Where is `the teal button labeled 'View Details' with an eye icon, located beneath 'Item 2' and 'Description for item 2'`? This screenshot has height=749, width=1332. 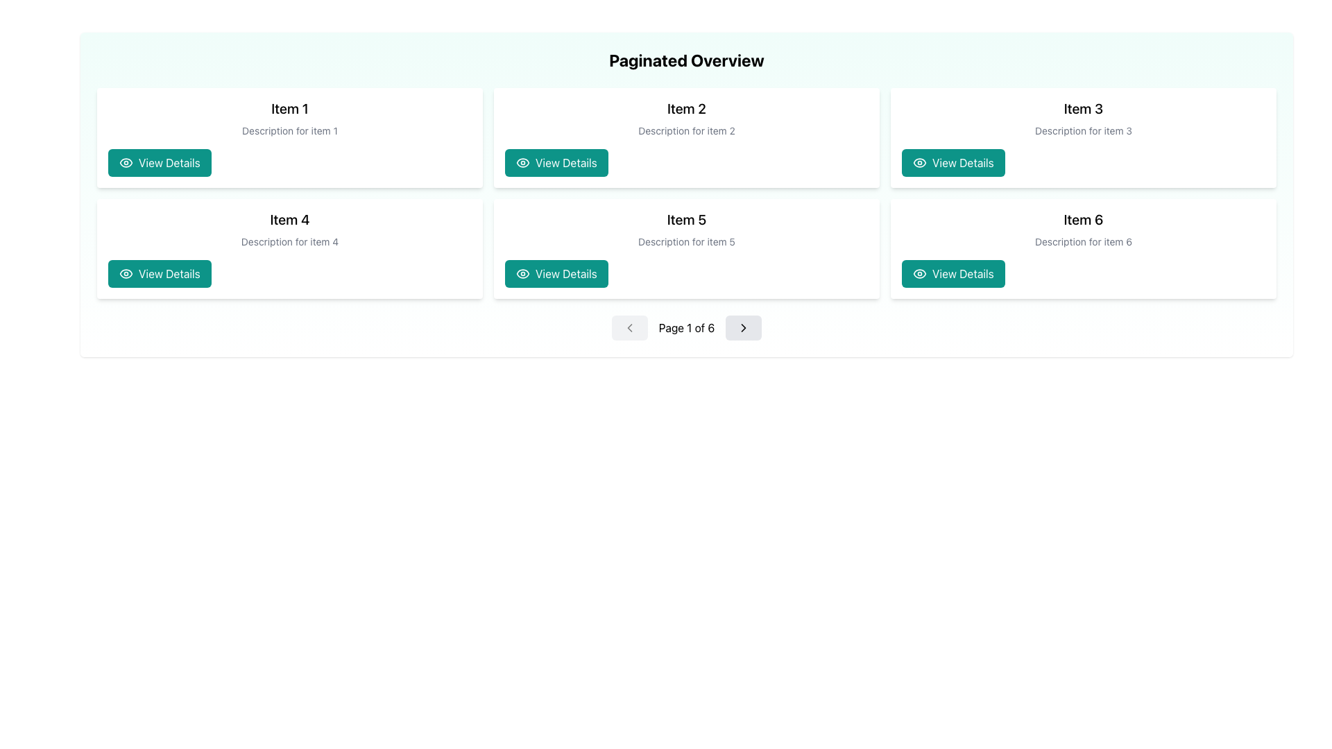 the teal button labeled 'View Details' with an eye icon, located beneath 'Item 2' and 'Description for item 2' is located at coordinates (556, 162).